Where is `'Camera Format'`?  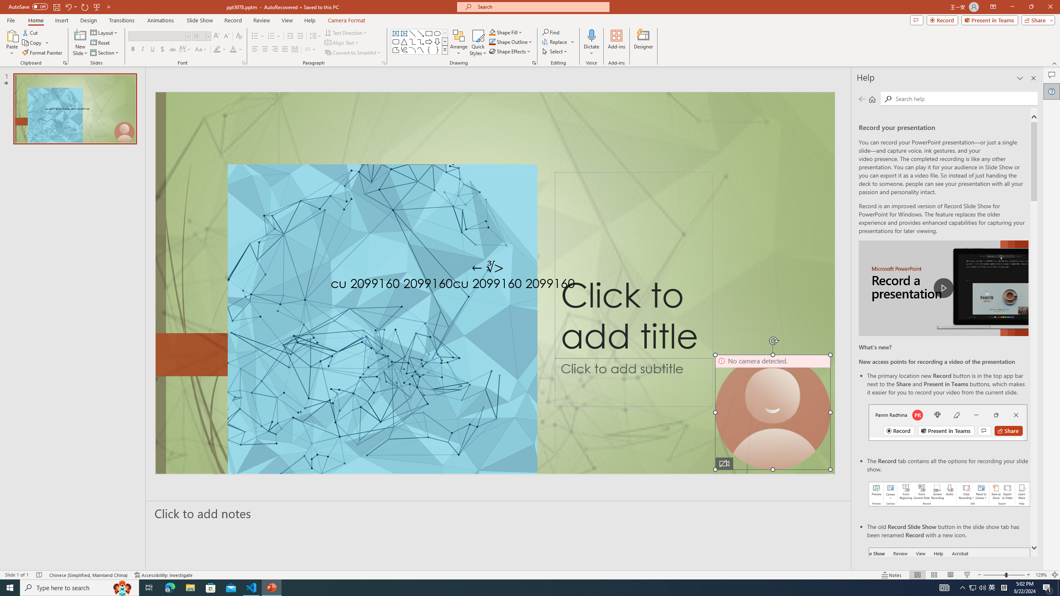 'Camera Format' is located at coordinates (346, 20).